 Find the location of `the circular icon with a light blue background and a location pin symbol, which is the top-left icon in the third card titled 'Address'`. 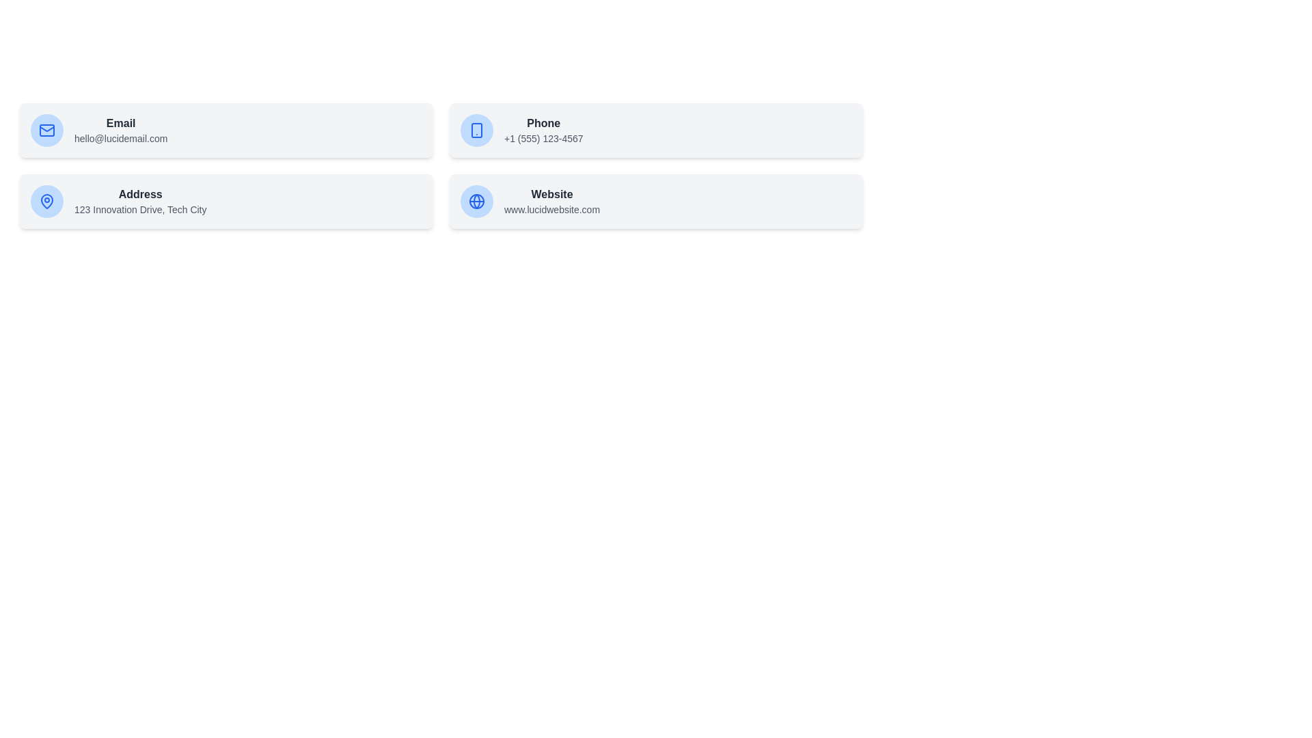

the circular icon with a light blue background and a location pin symbol, which is the top-left icon in the third card titled 'Address' is located at coordinates (46, 201).